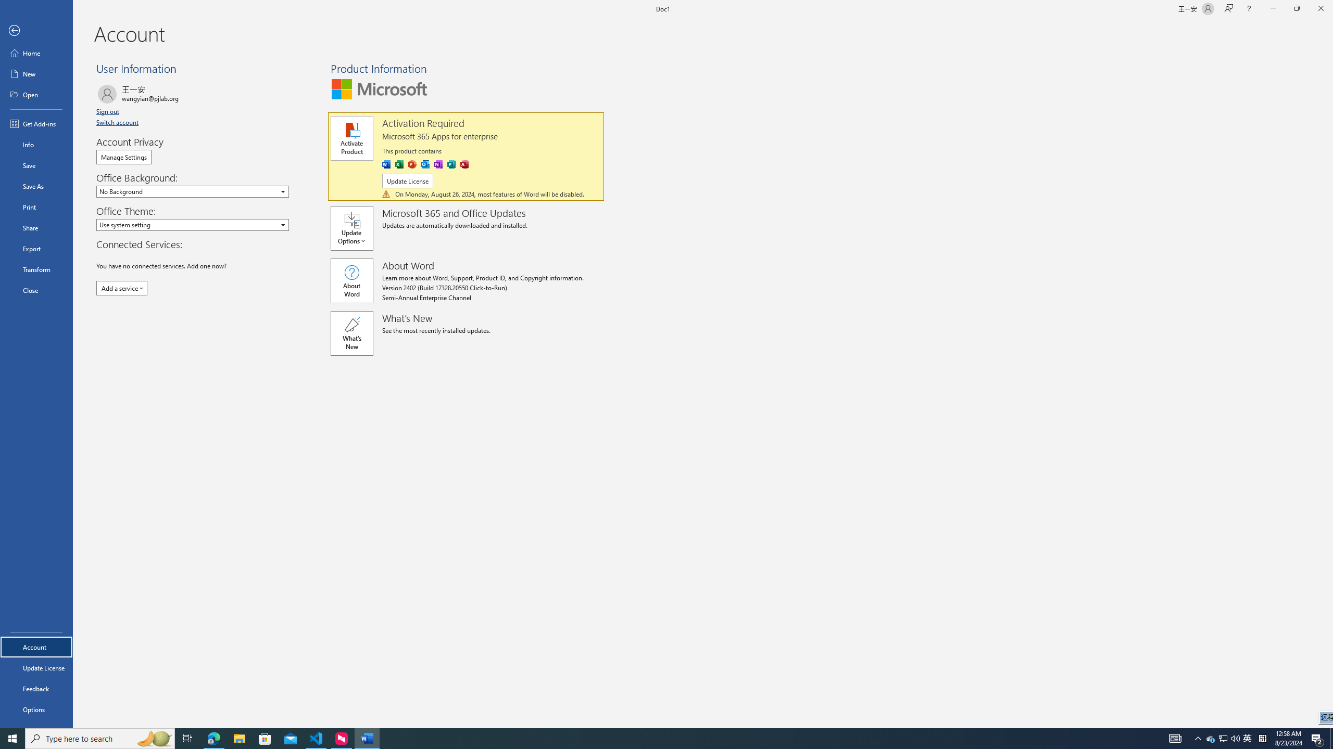  I want to click on 'Transform', so click(36, 269).